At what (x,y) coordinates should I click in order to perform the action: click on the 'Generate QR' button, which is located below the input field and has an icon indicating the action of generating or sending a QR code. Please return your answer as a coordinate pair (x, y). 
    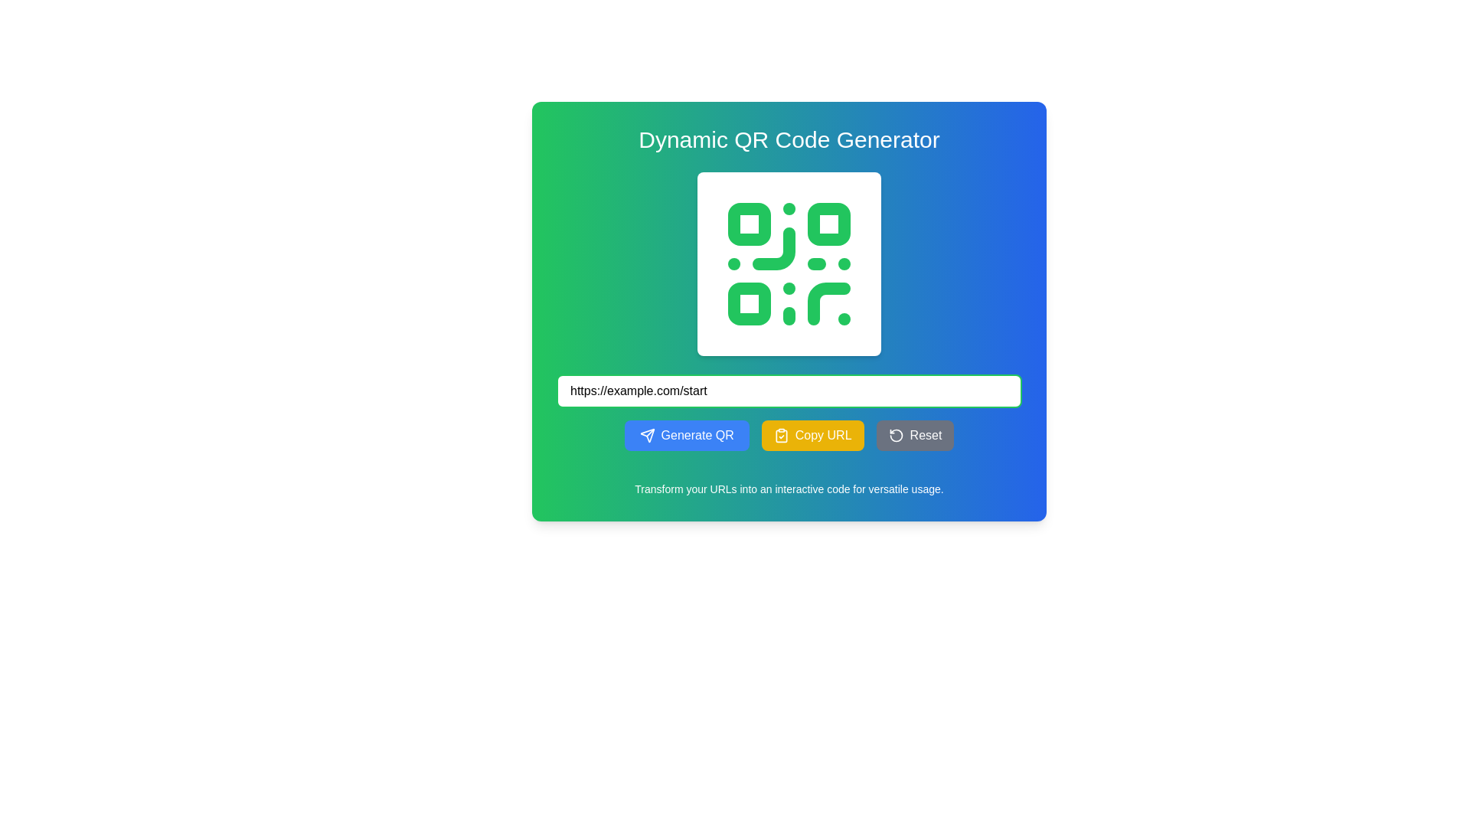
    Looking at the image, I should click on (647, 436).